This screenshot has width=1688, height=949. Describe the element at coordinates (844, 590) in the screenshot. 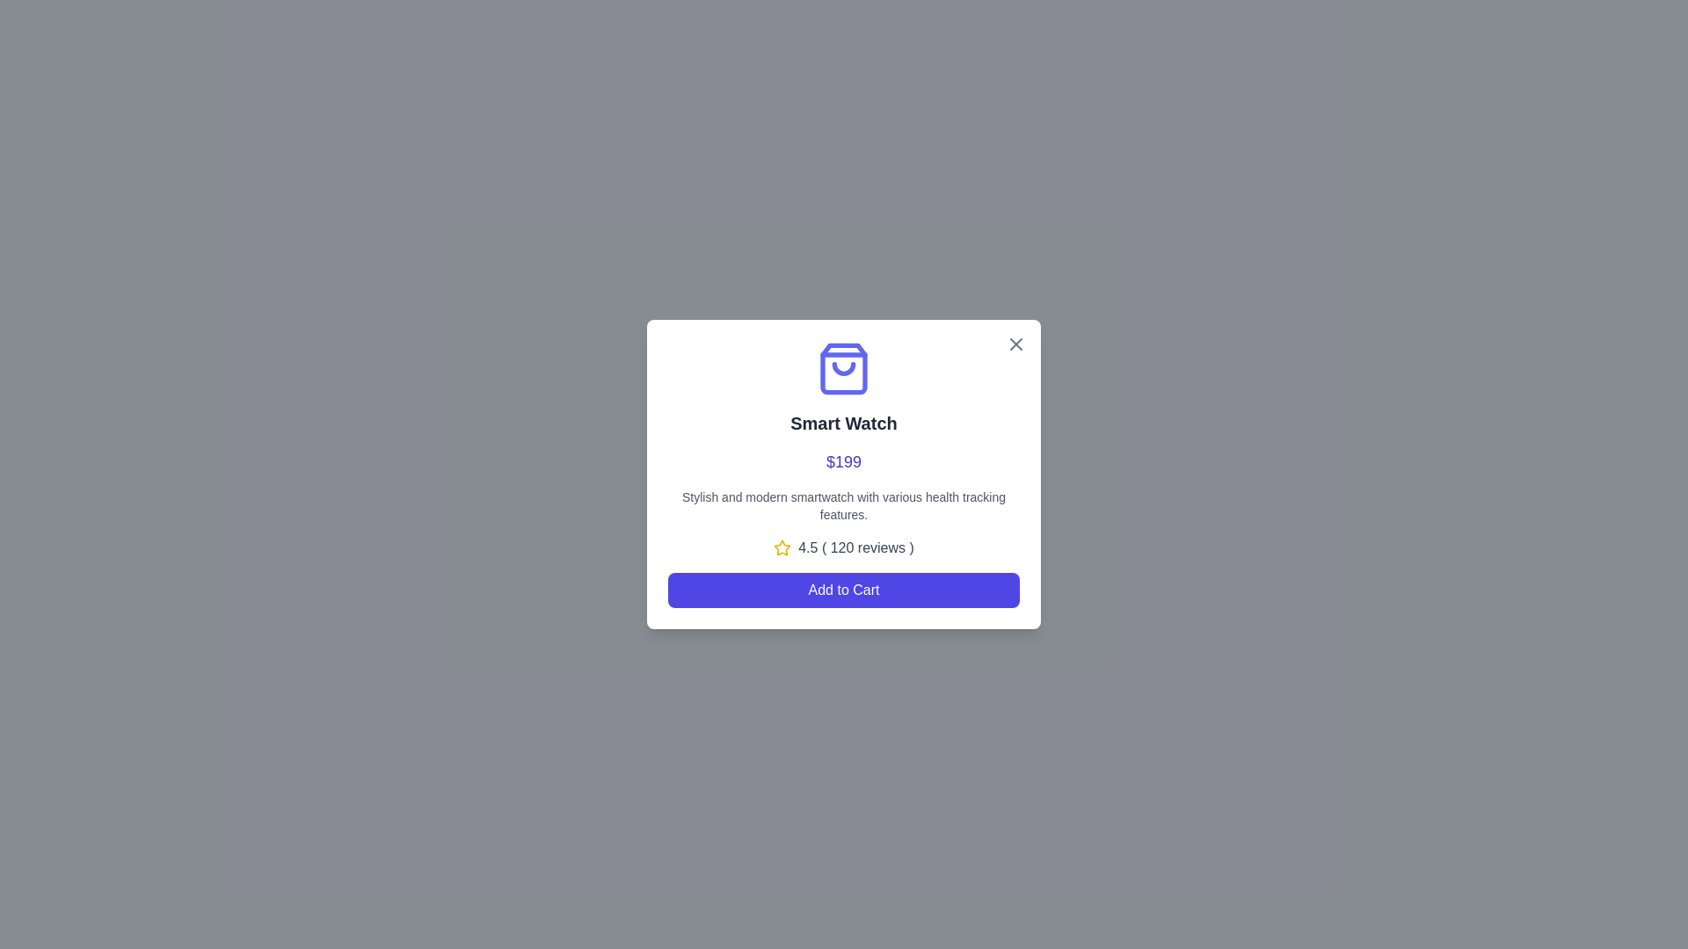

I see `the 'Add to Cart' button, which is a horizontally rectangular button with rounded corners, located at the bottom of the product card layout, to observe the hover effect` at that location.